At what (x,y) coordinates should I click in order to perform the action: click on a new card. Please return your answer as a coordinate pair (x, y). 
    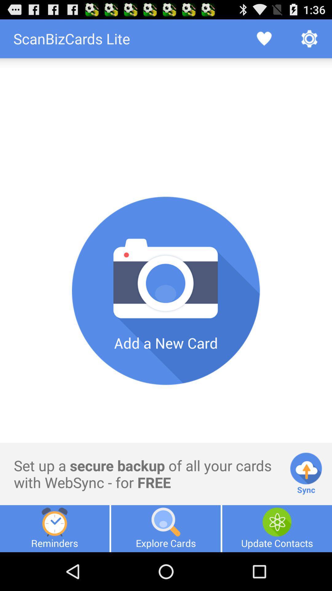
    Looking at the image, I should click on (166, 291).